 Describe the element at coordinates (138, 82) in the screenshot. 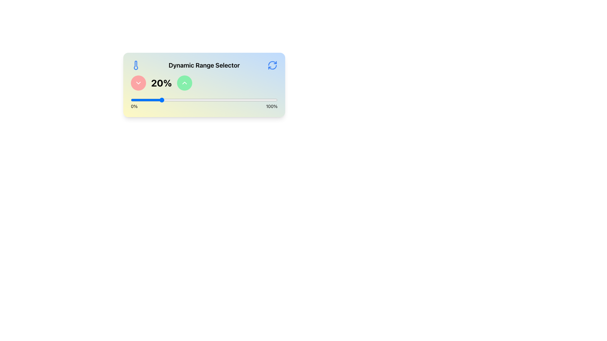

I see `the circular button with a reddish background that acts as an indicator for collapsing or expanding content, located to the right of the '20%' display and below the title 'Dynamic Range Selector'` at that location.